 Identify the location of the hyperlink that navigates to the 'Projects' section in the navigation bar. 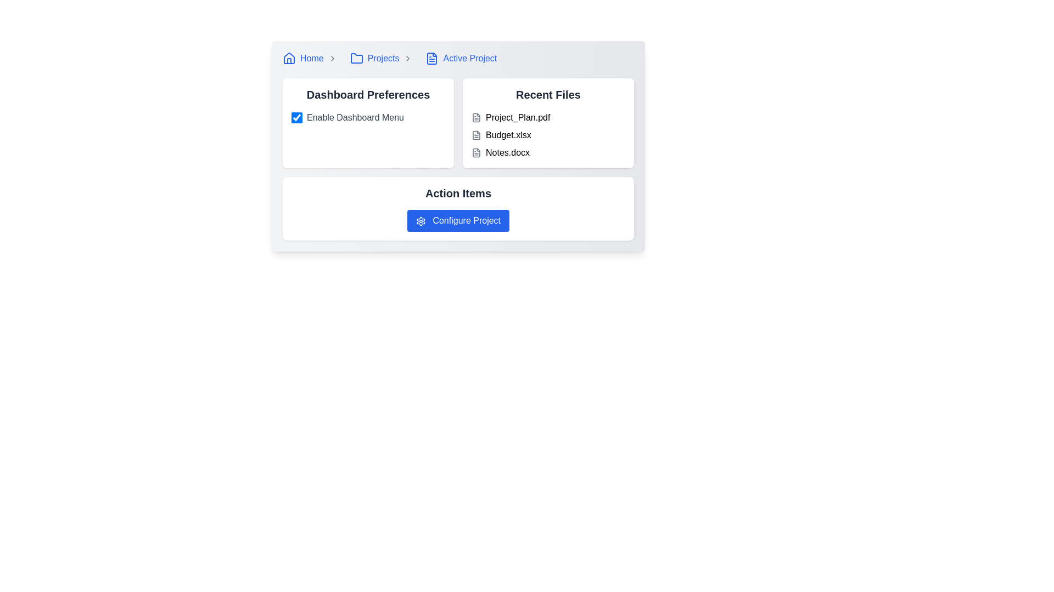
(374, 59).